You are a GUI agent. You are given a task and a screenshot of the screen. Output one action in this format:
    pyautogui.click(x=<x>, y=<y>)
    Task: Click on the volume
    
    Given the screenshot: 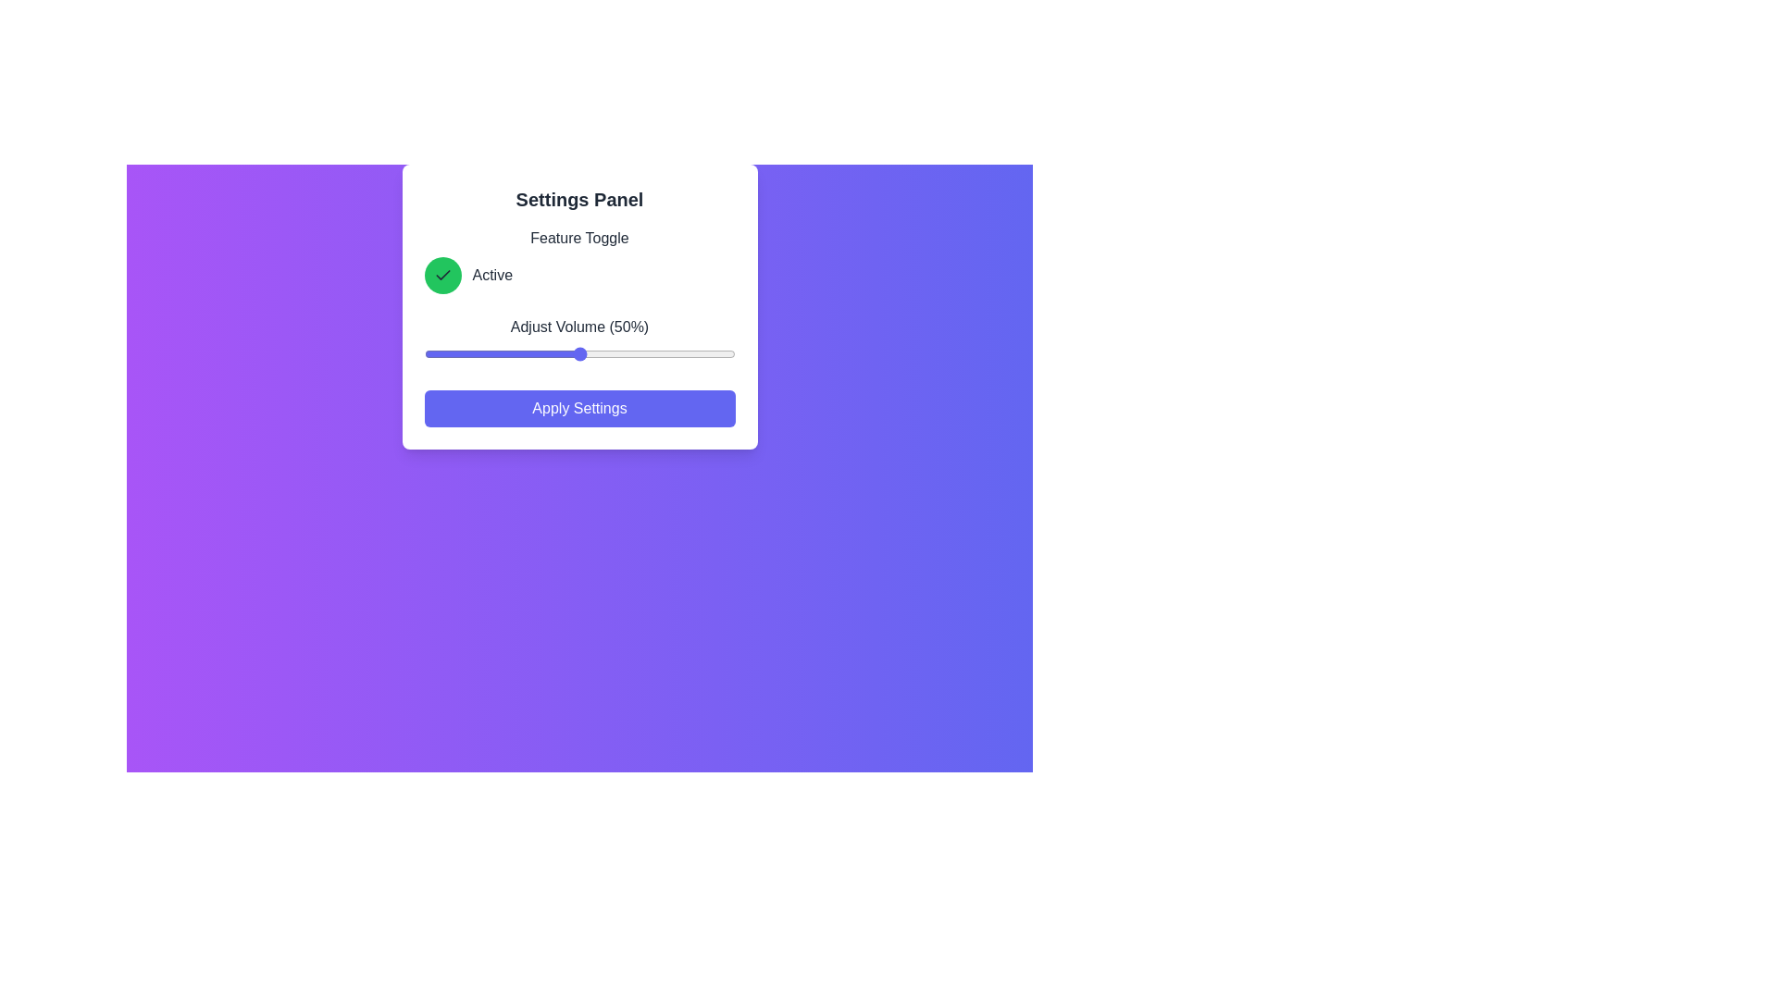 What is the action you would take?
    pyautogui.click(x=511, y=353)
    